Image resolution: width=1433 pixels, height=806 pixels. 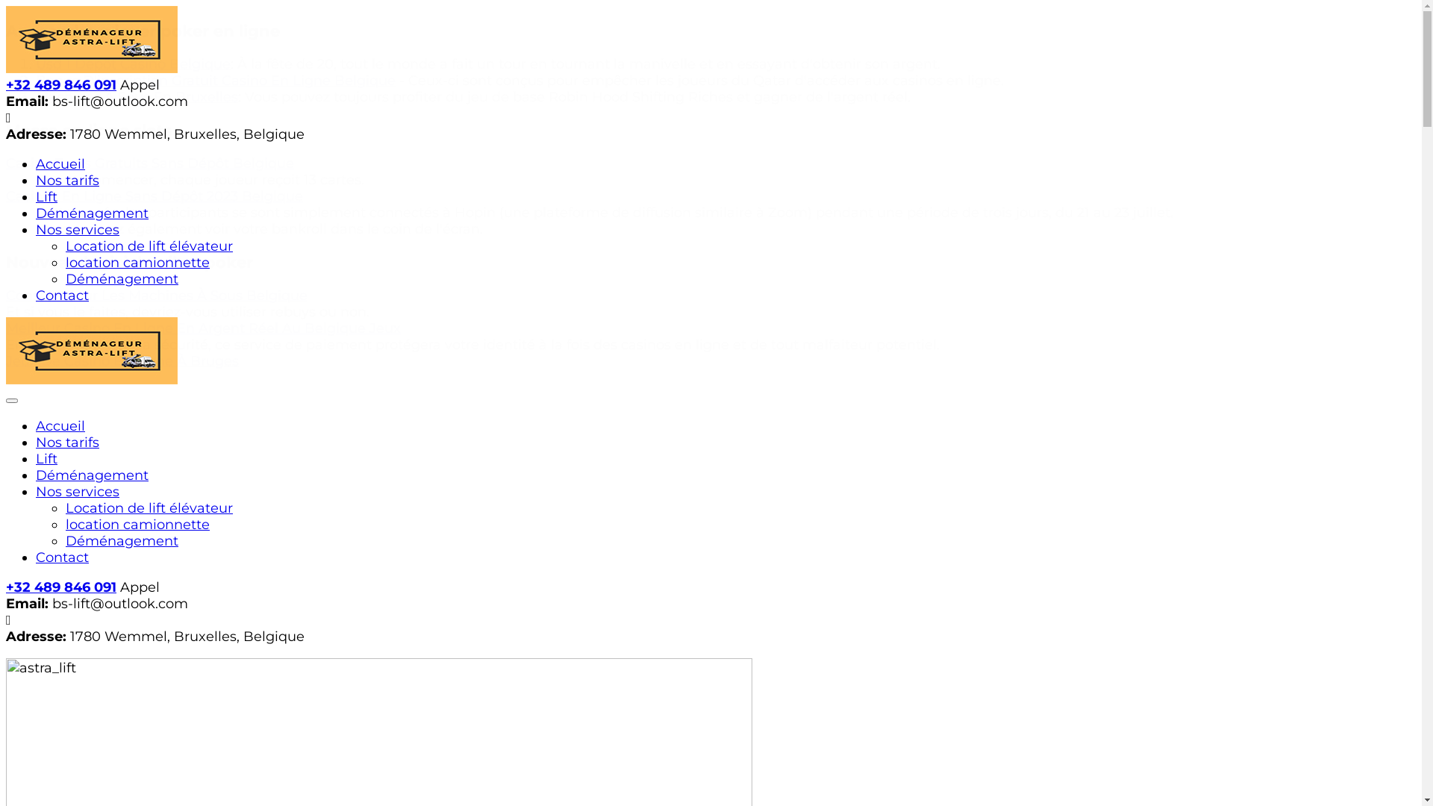 I want to click on 'location camionnette', so click(x=137, y=261).